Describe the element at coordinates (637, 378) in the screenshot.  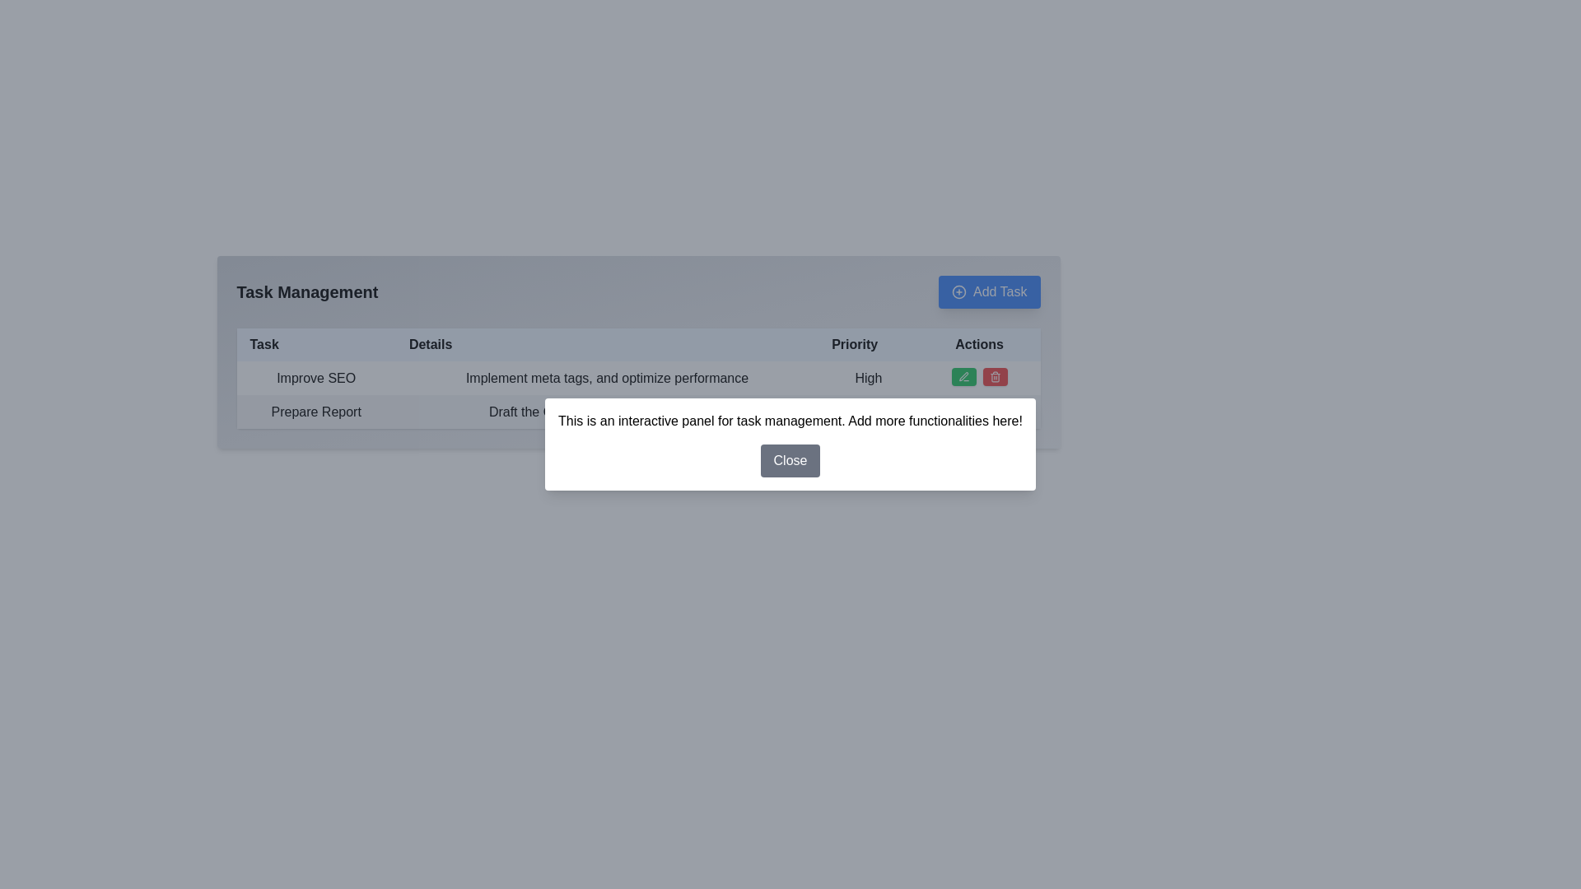
I see `the first table row in the task management dashboard that contains the text 'Improve SEO', 'Implement meta tags, and optimize performance', and 'High'` at that location.